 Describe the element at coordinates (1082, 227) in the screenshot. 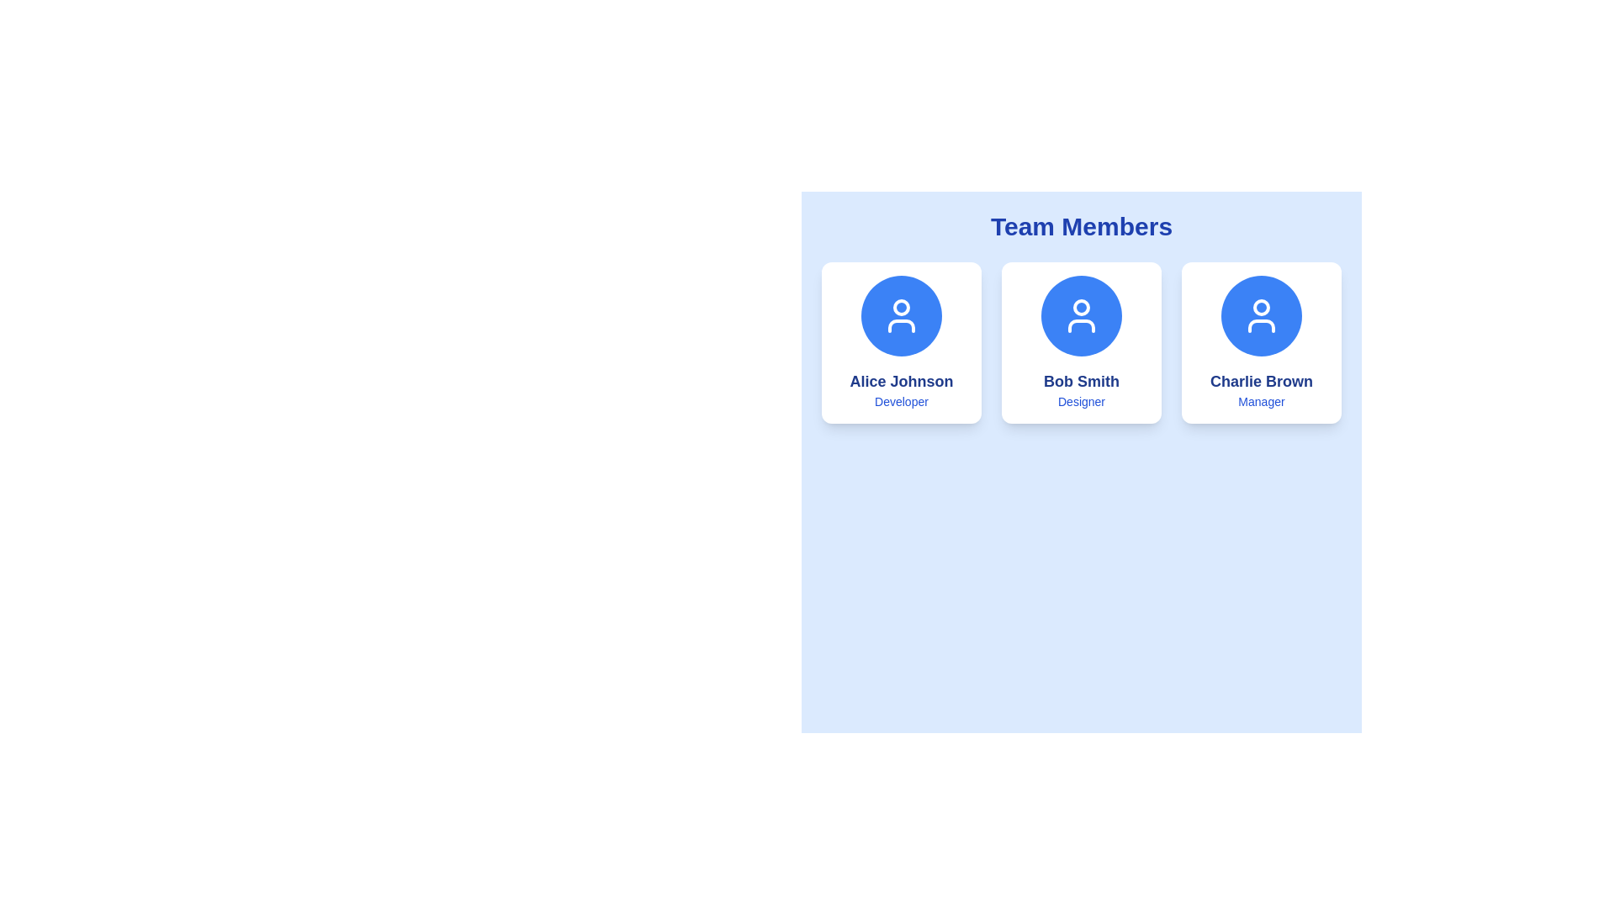

I see `the Text label indicating 'Team Members' at the top of the section with a light blue background` at that location.